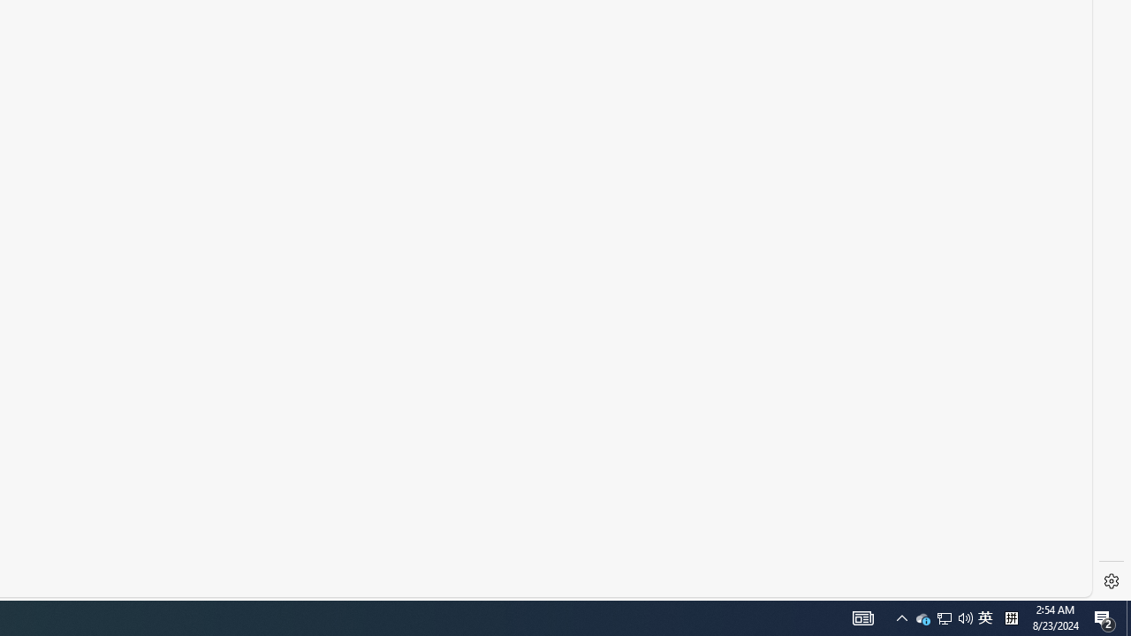 The height and width of the screenshot is (636, 1131). What do you see at coordinates (901, 617) in the screenshot?
I see `'AutomationID: 4105'` at bounding box center [901, 617].